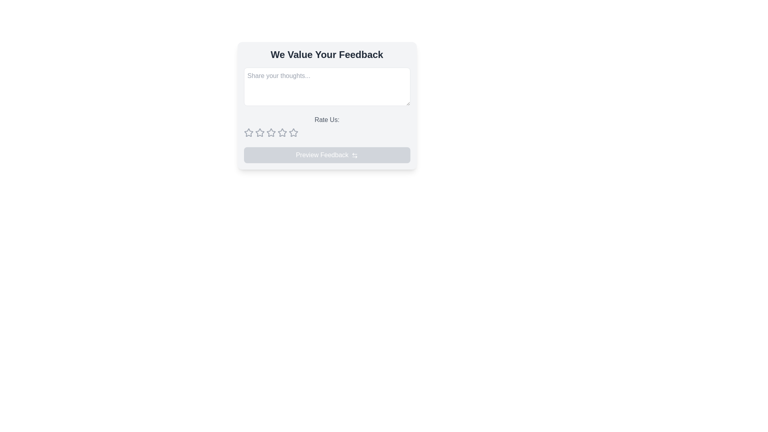  Describe the element at coordinates (327, 120) in the screenshot. I see `the 'Rate Us:' label, which is styled in gray and positioned above the star icons for rating within the feedback form interface` at that location.